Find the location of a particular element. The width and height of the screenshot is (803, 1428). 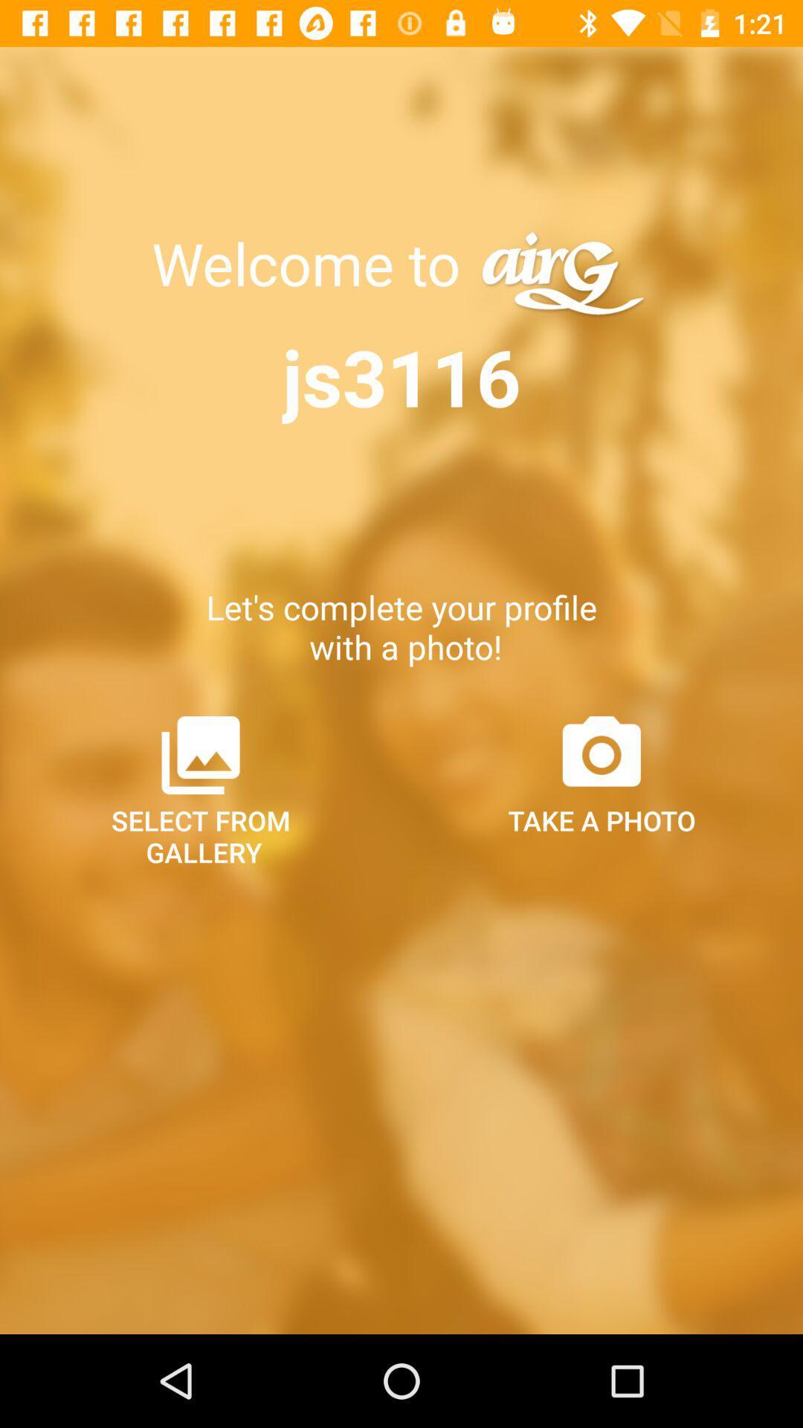

the select from is located at coordinates (201, 788).